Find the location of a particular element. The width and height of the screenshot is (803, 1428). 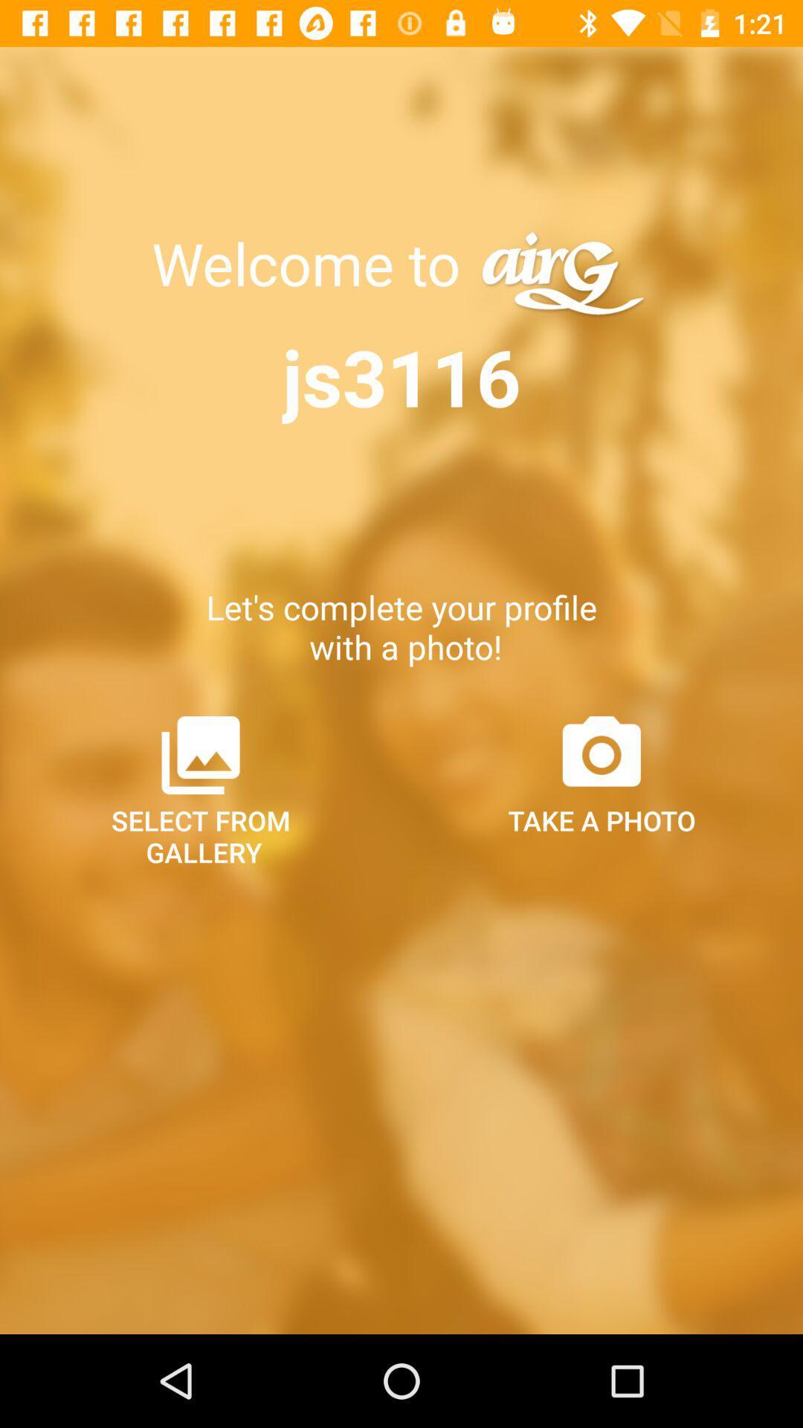

the select from is located at coordinates (201, 788).